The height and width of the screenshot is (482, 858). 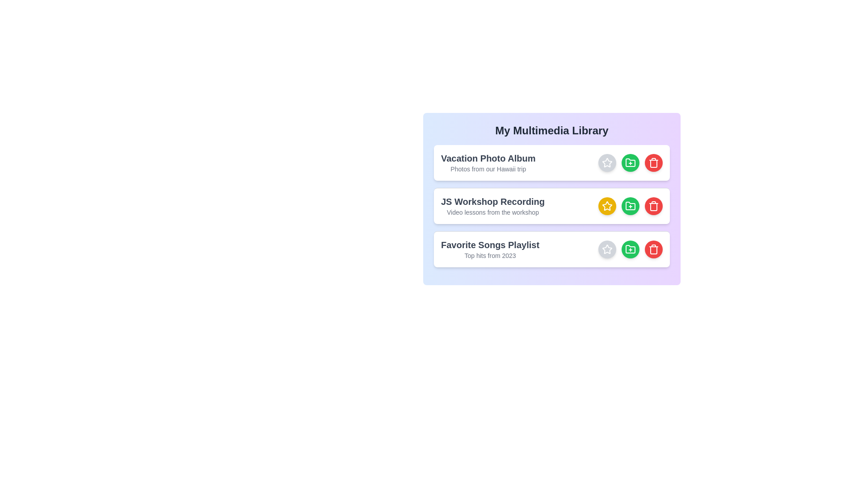 What do you see at coordinates (488, 163) in the screenshot?
I see `the text element titled 'Vacation Photo Album' with descriptive text 'Photos from our Hawaii trip', which is the first item in the 'My Multimedia Library' section` at bounding box center [488, 163].